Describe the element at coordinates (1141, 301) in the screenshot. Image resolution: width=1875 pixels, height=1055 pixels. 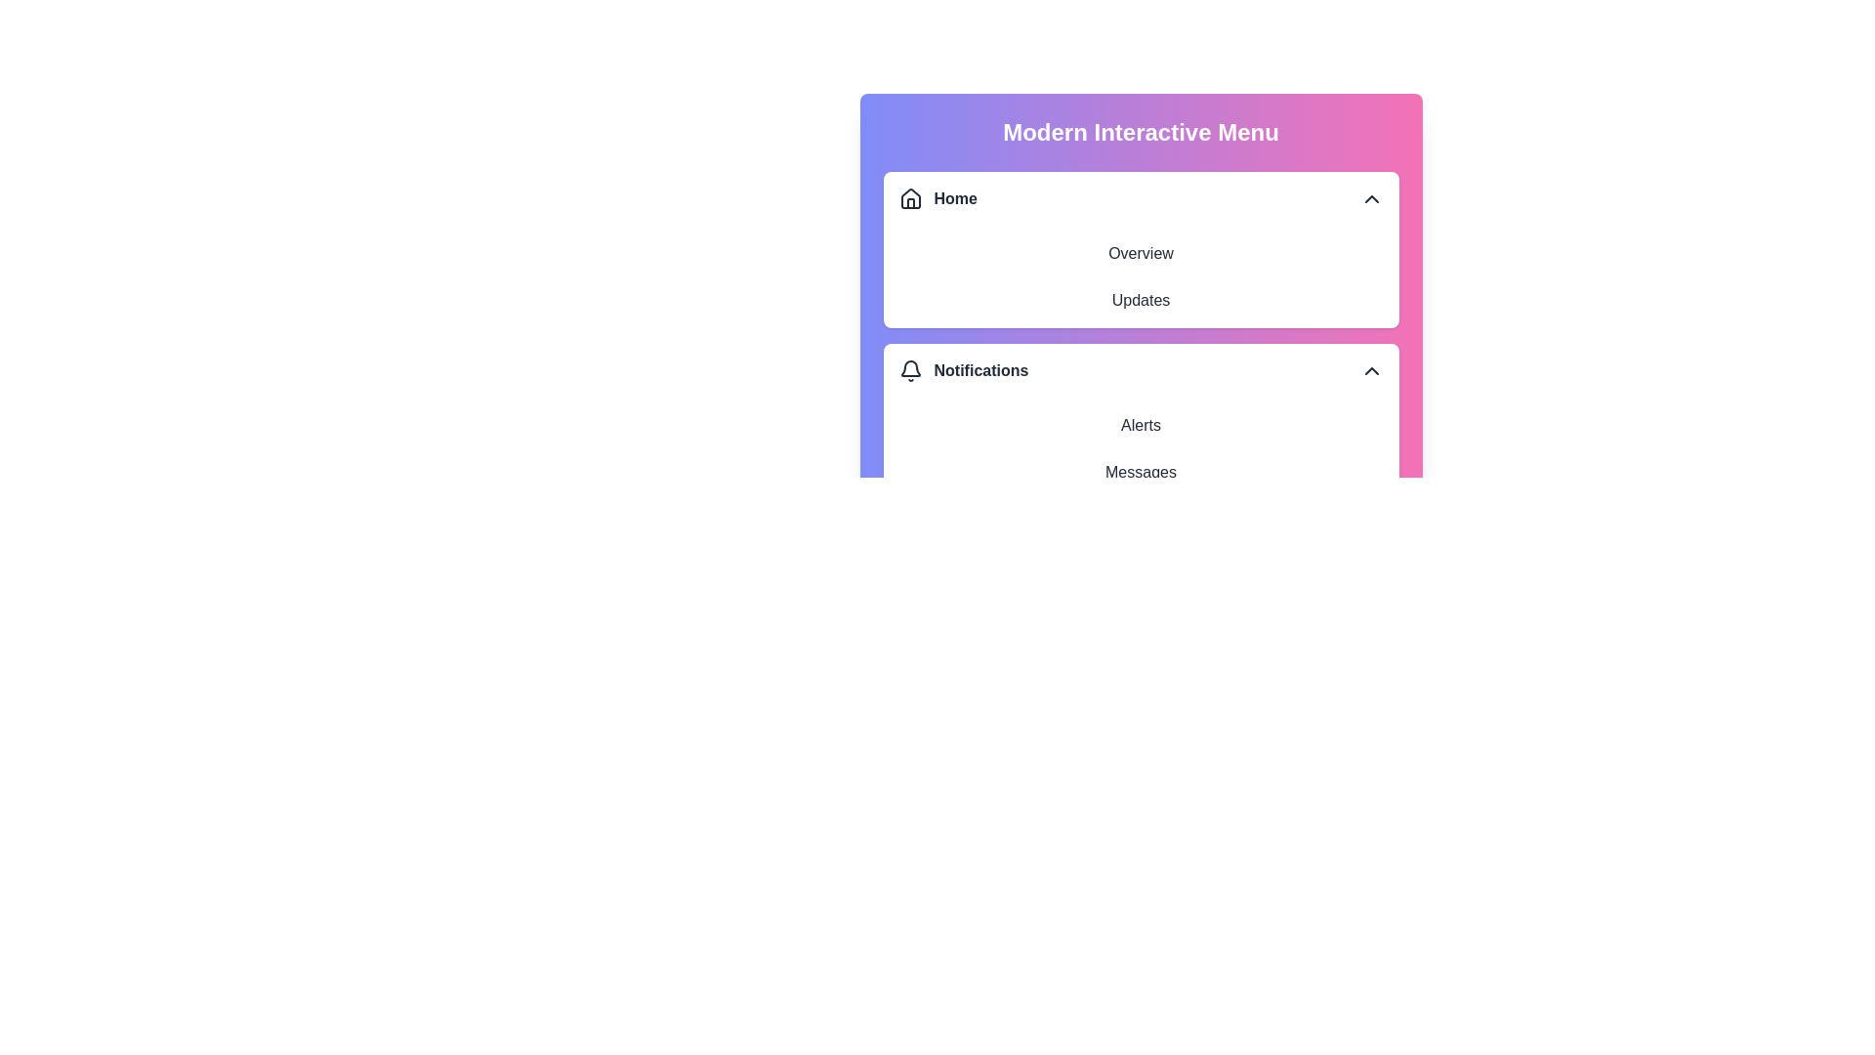
I see `the text element Updates to interact with it` at that location.